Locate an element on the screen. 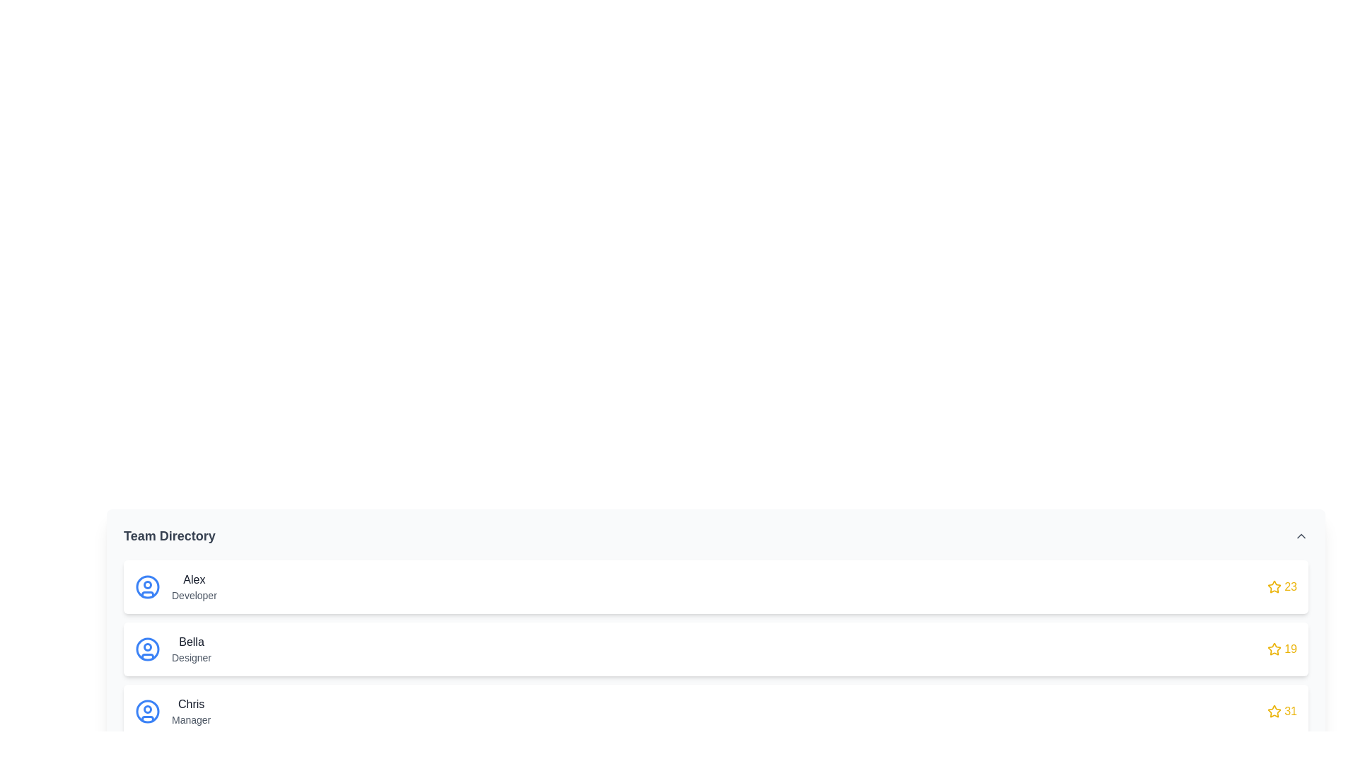 This screenshot has height=764, width=1358. the circular icon component associated with the profile of 'Alex, Developer' in the team directory list is located at coordinates (148, 584).